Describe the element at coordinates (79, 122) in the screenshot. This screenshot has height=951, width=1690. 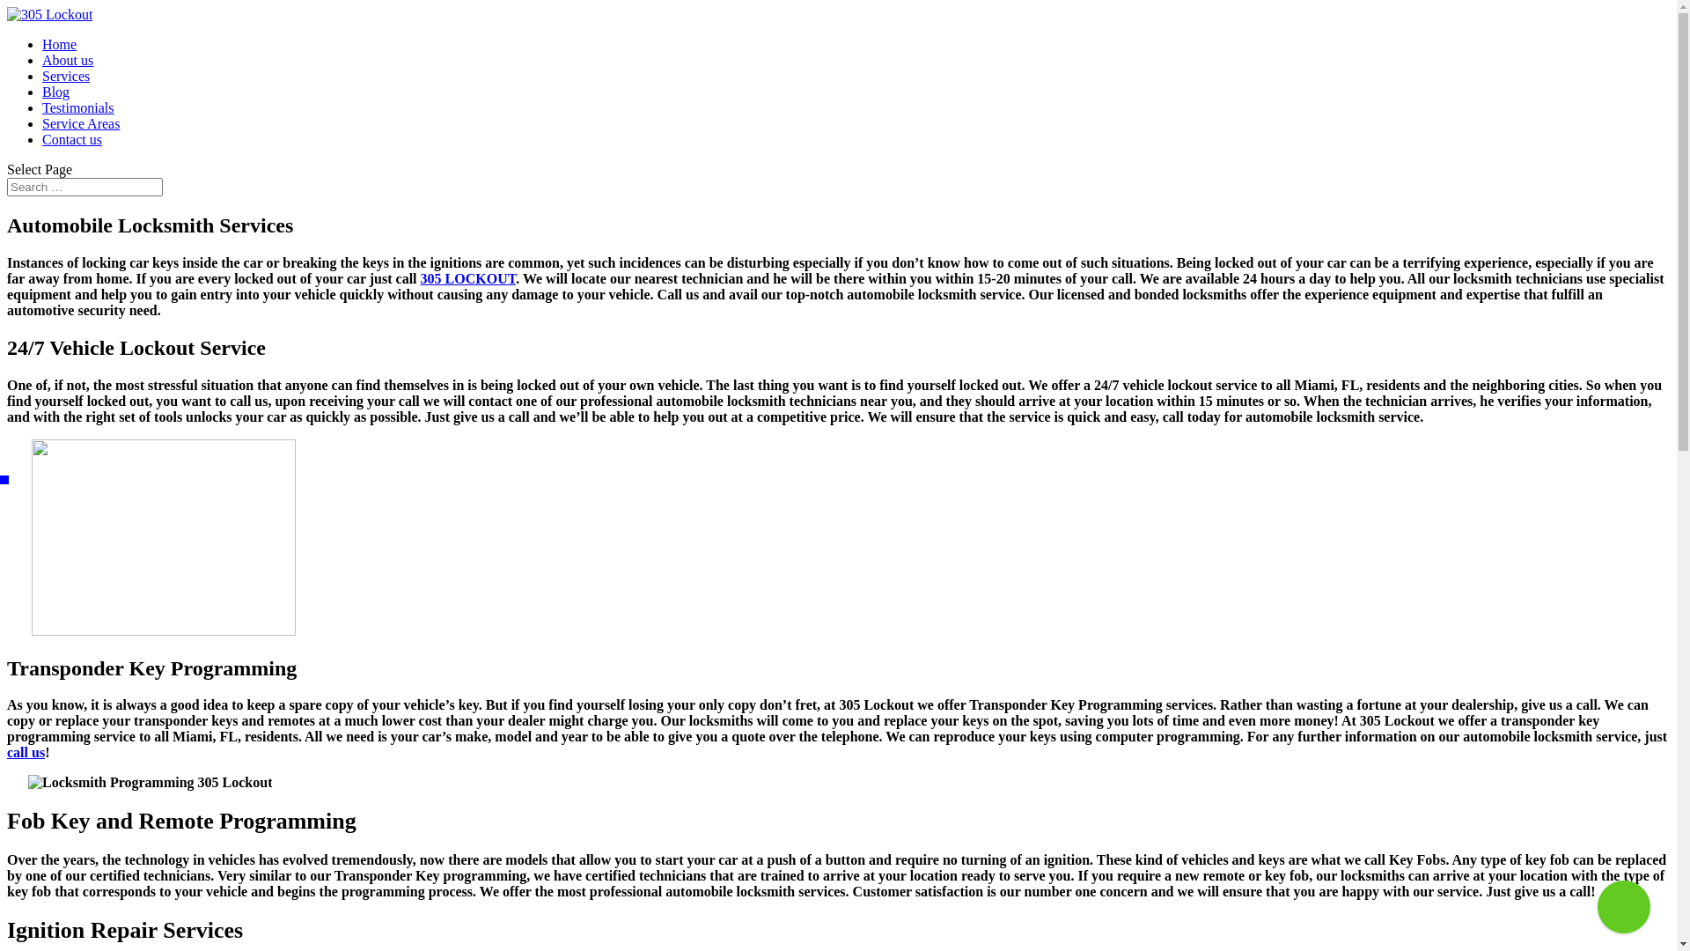
I see `'Service Areas'` at that location.